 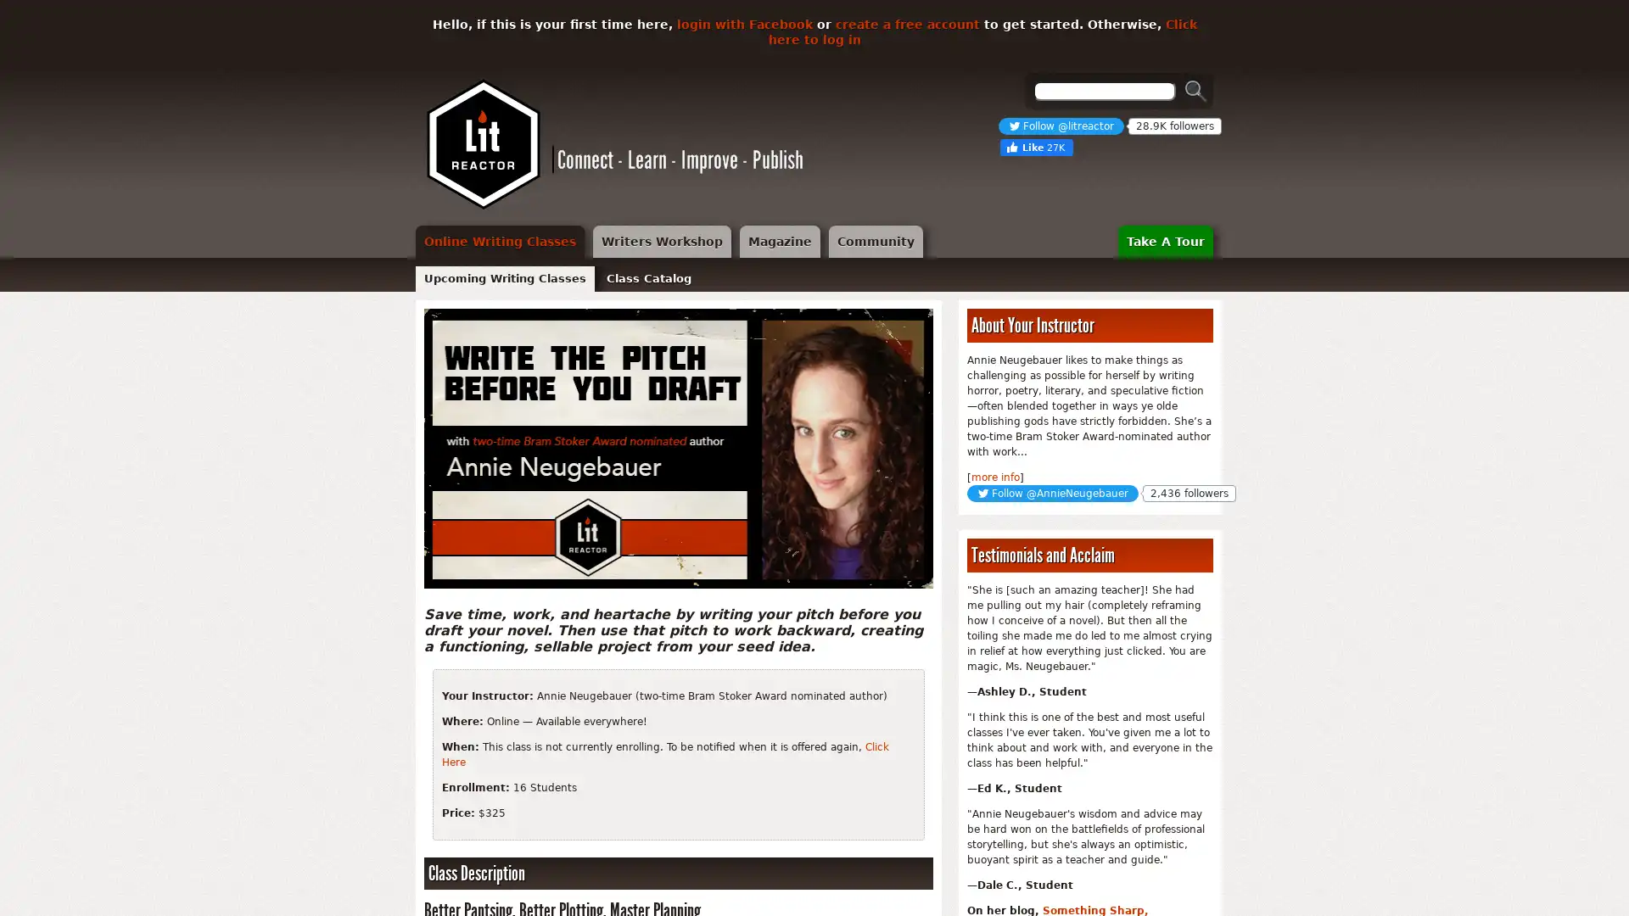 What do you see at coordinates (1195, 91) in the screenshot?
I see `Search` at bounding box center [1195, 91].